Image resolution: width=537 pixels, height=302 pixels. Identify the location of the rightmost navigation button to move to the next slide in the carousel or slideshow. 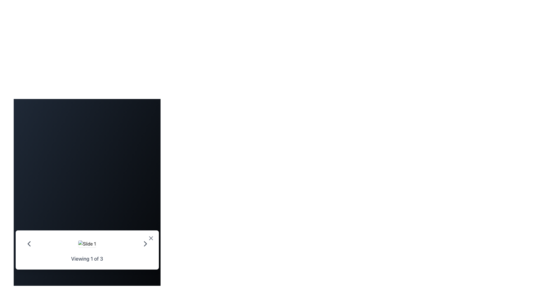
(145, 243).